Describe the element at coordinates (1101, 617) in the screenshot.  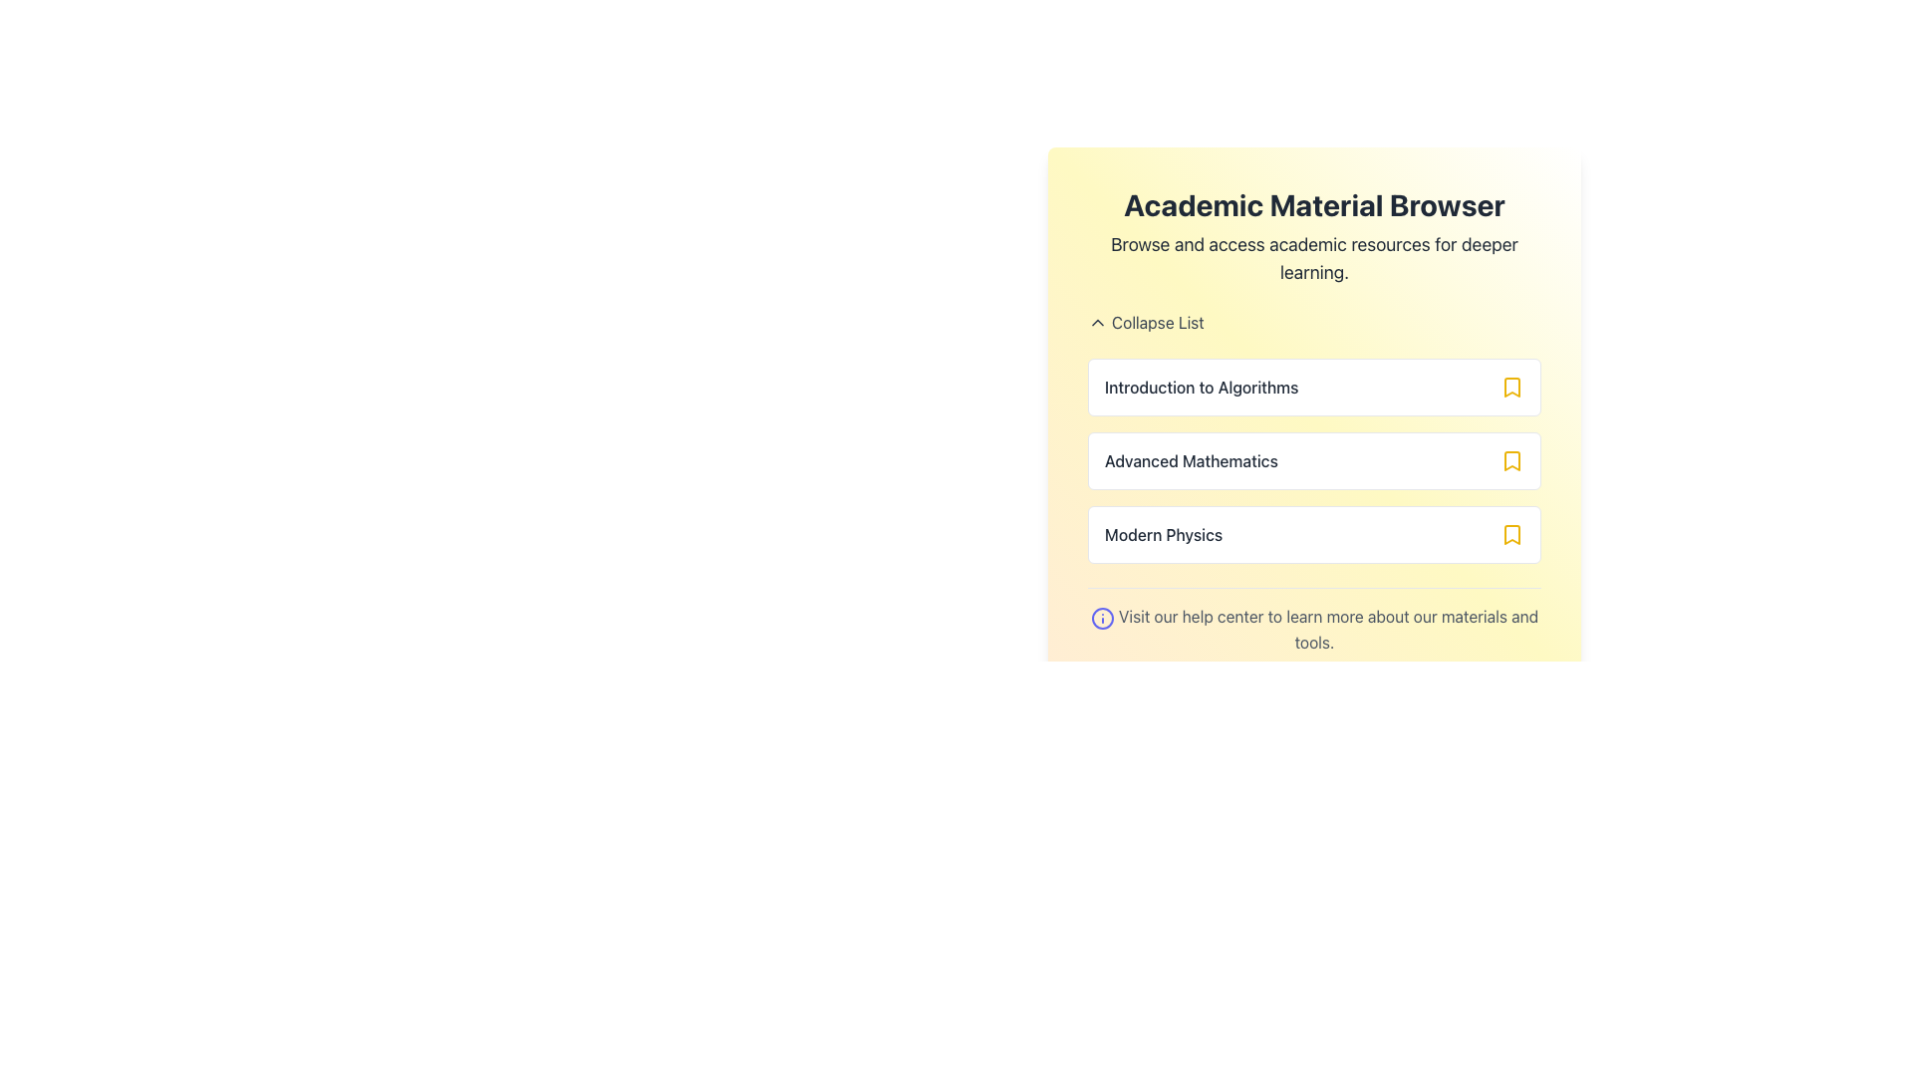
I see `the informative icon located at the bottom-left corner of the text block reading 'Visit our help center to learn more about our materials and tools.'` at that location.